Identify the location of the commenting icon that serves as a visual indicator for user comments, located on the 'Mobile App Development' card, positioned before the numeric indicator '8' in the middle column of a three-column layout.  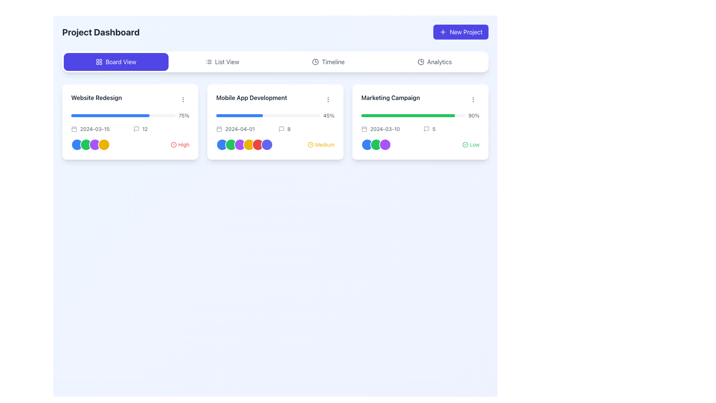
(281, 129).